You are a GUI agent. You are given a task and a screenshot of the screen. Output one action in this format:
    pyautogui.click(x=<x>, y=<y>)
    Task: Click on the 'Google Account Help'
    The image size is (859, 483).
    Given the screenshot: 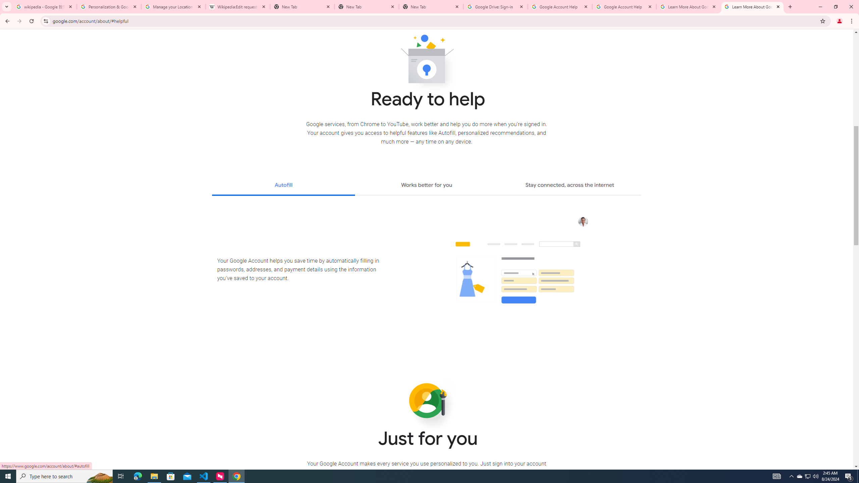 What is the action you would take?
    pyautogui.click(x=560, y=6)
    